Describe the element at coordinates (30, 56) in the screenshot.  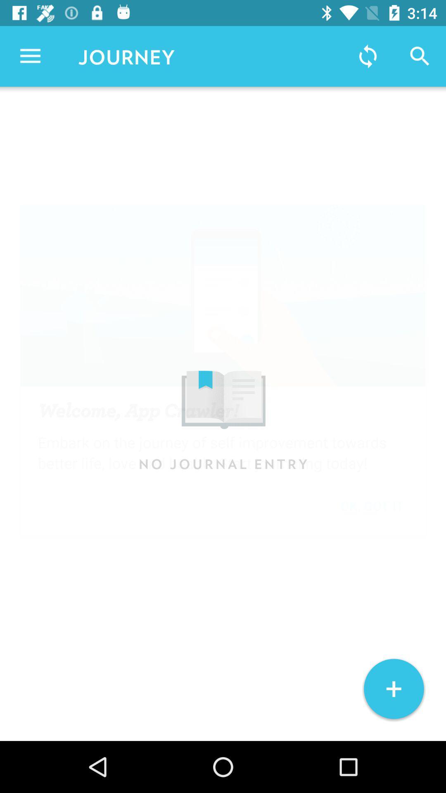
I see `the item next to the journey icon` at that location.